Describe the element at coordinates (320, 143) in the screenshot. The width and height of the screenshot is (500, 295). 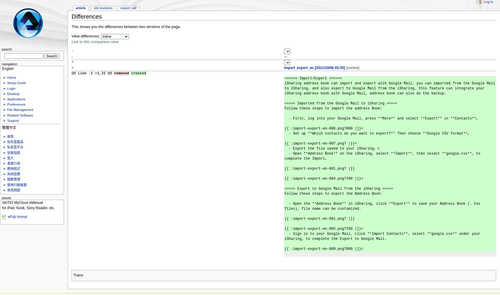
I see `'{{ :​import-export-en-007.png?​ |}}<'` at that location.